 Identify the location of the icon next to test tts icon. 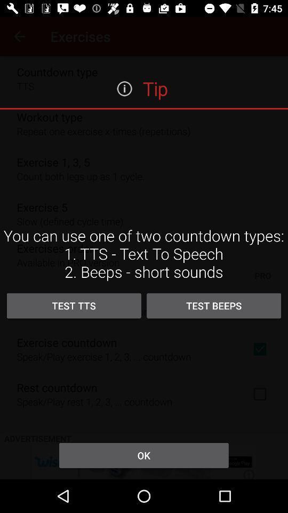
(214, 306).